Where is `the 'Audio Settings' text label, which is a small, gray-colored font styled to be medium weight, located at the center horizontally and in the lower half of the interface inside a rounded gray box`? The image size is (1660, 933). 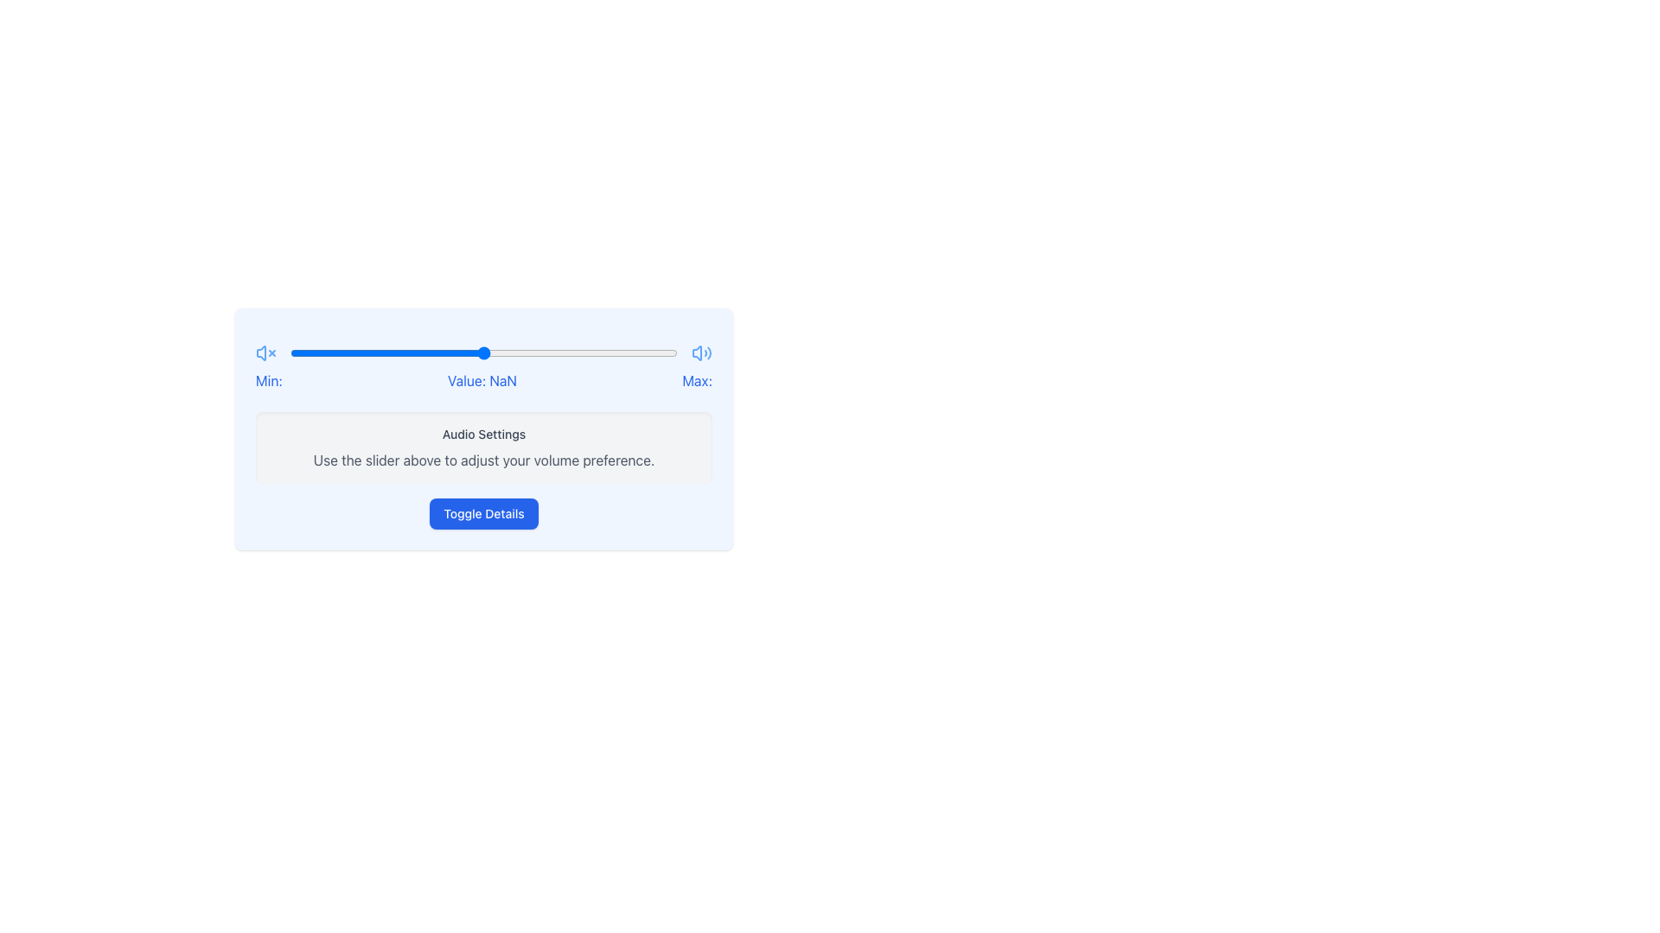
the 'Audio Settings' text label, which is a small, gray-colored font styled to be medium weight, located at the center horizontally and in the lower half of the interface inside a rounded gray box is located at coordinates (484, 433).